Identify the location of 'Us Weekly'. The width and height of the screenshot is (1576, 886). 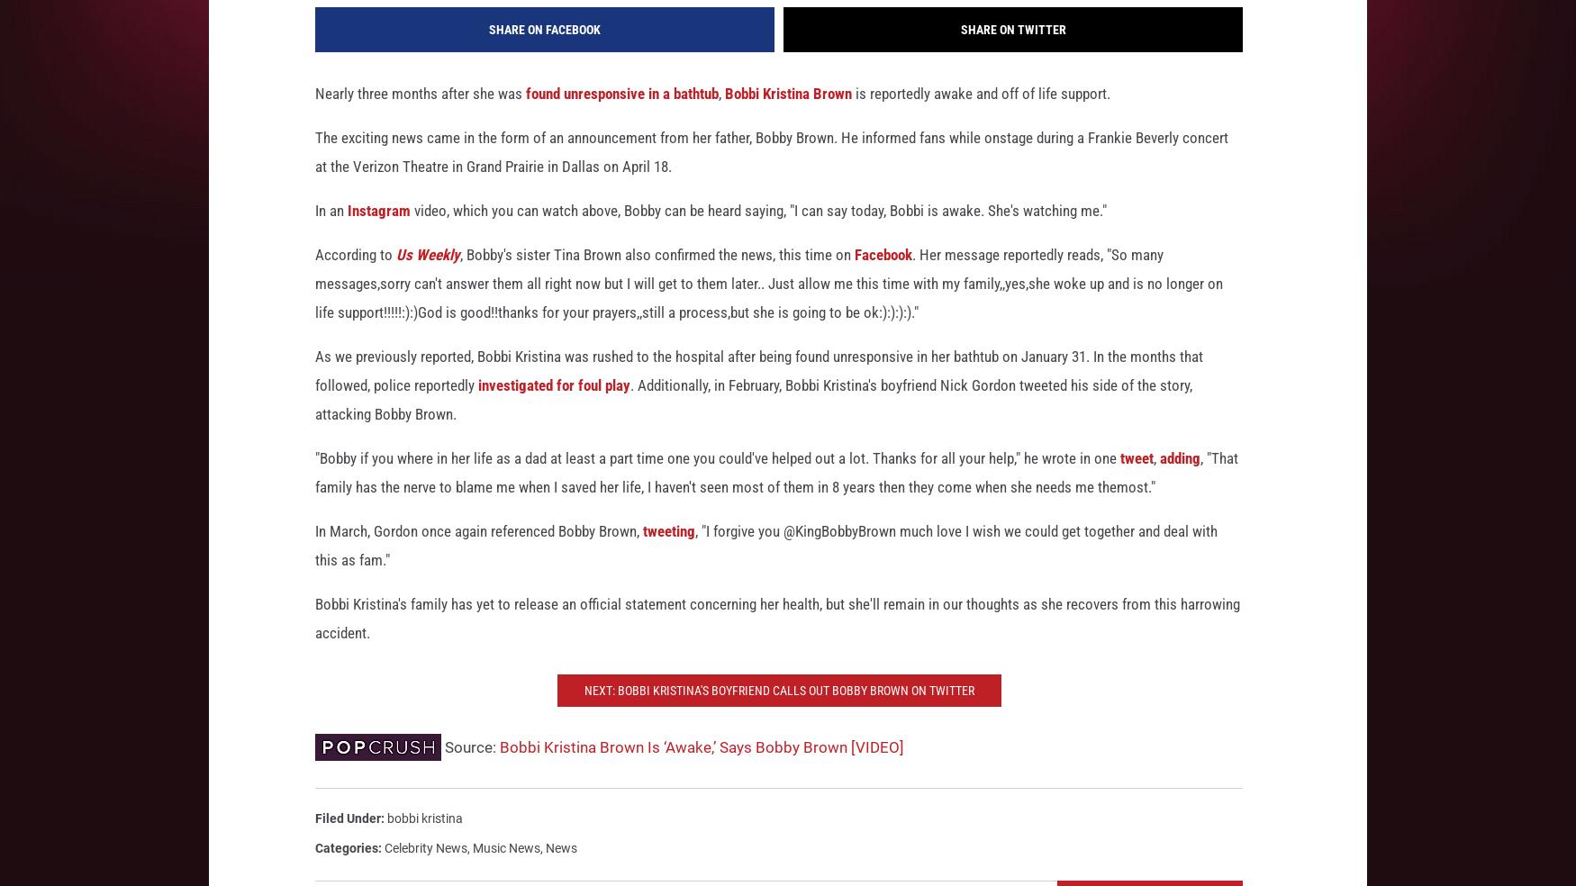
(428, 277).